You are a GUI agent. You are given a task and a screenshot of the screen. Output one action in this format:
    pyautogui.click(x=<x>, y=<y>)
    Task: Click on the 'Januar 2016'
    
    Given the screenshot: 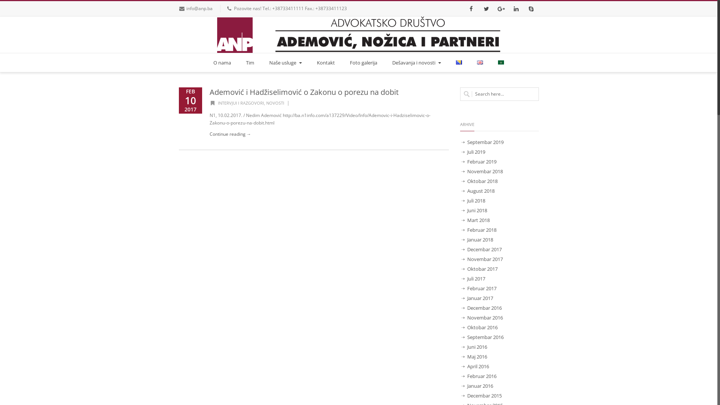 What is the action you would take?
    pyautogui.click(x=477, y=386)
    